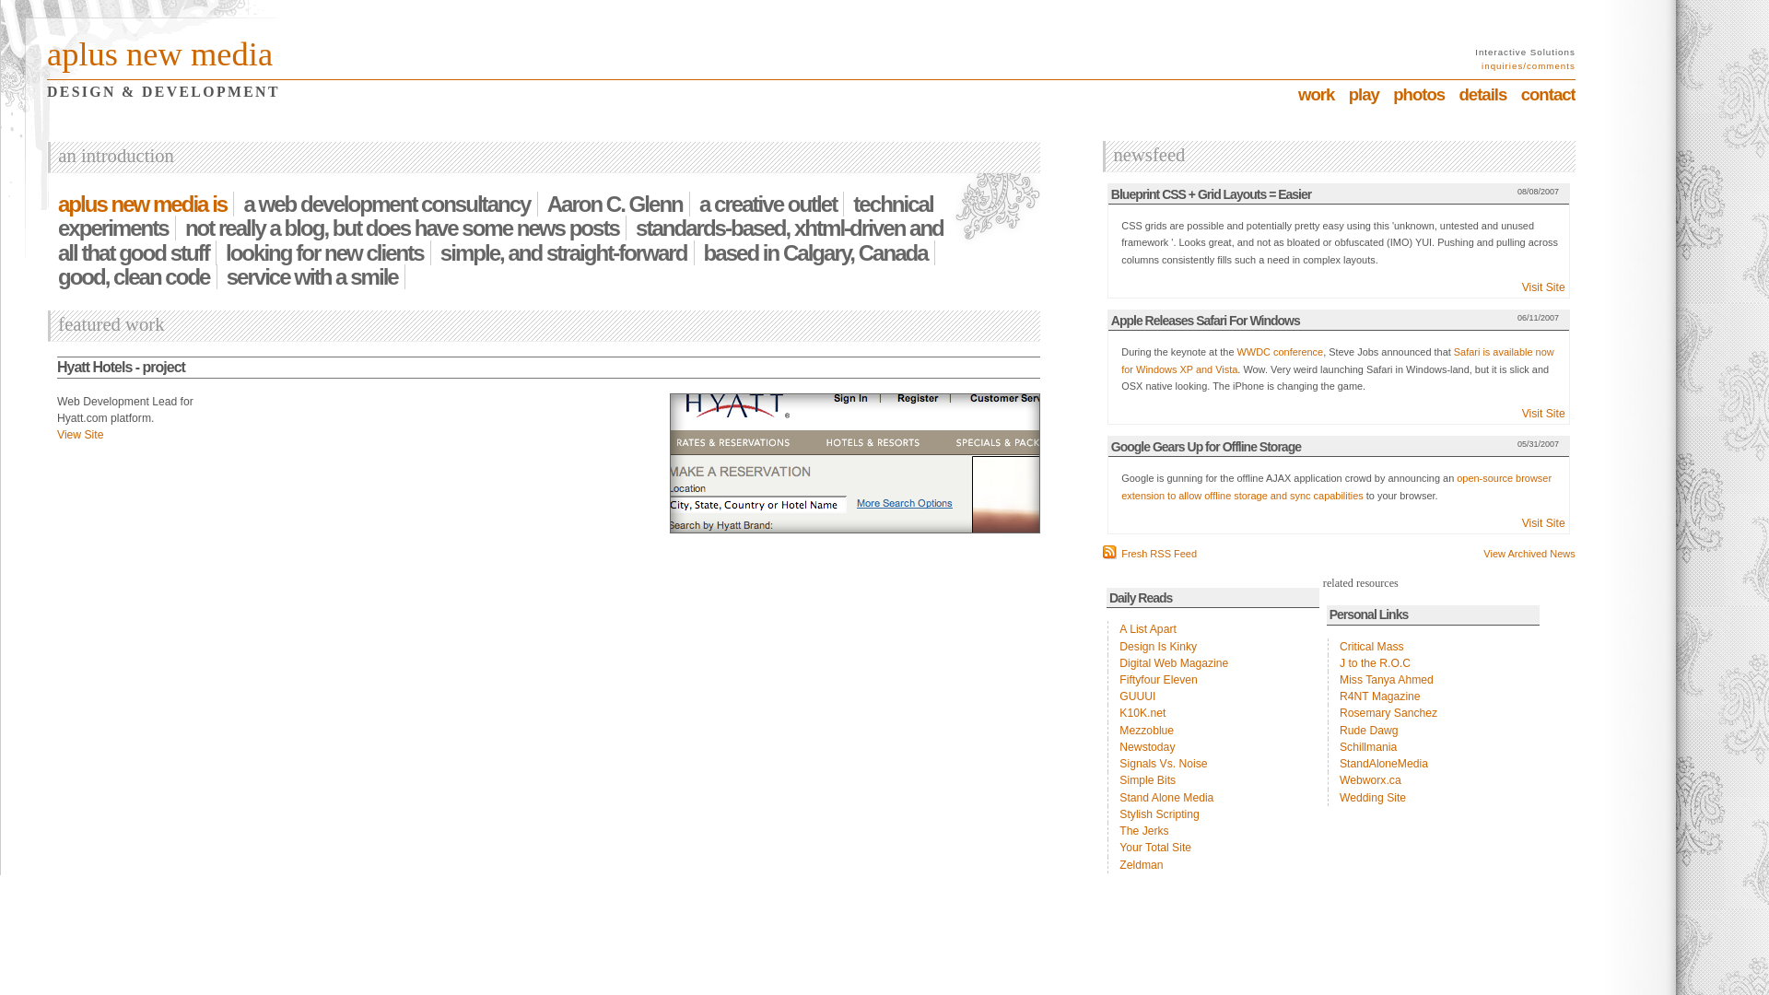 This screenshot has height=995, width=1769. I want to click on 'Fresh RSS Feed', so click(1149, 553).